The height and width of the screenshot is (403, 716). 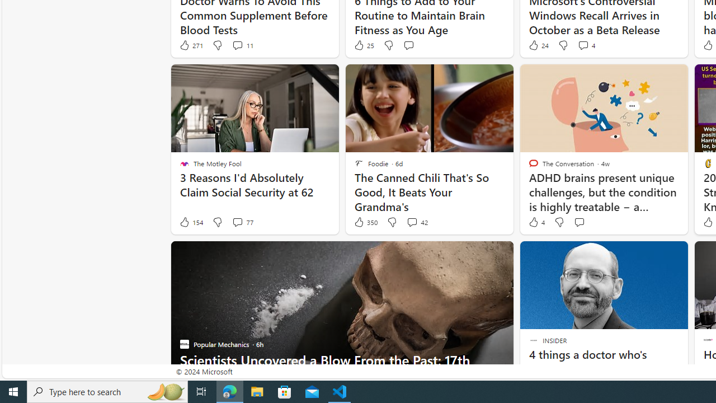 What do you see at coordinates (242, 222) in the screenshot?
I see `'View comments 77 Comment'` at bounding box center [242, 222].